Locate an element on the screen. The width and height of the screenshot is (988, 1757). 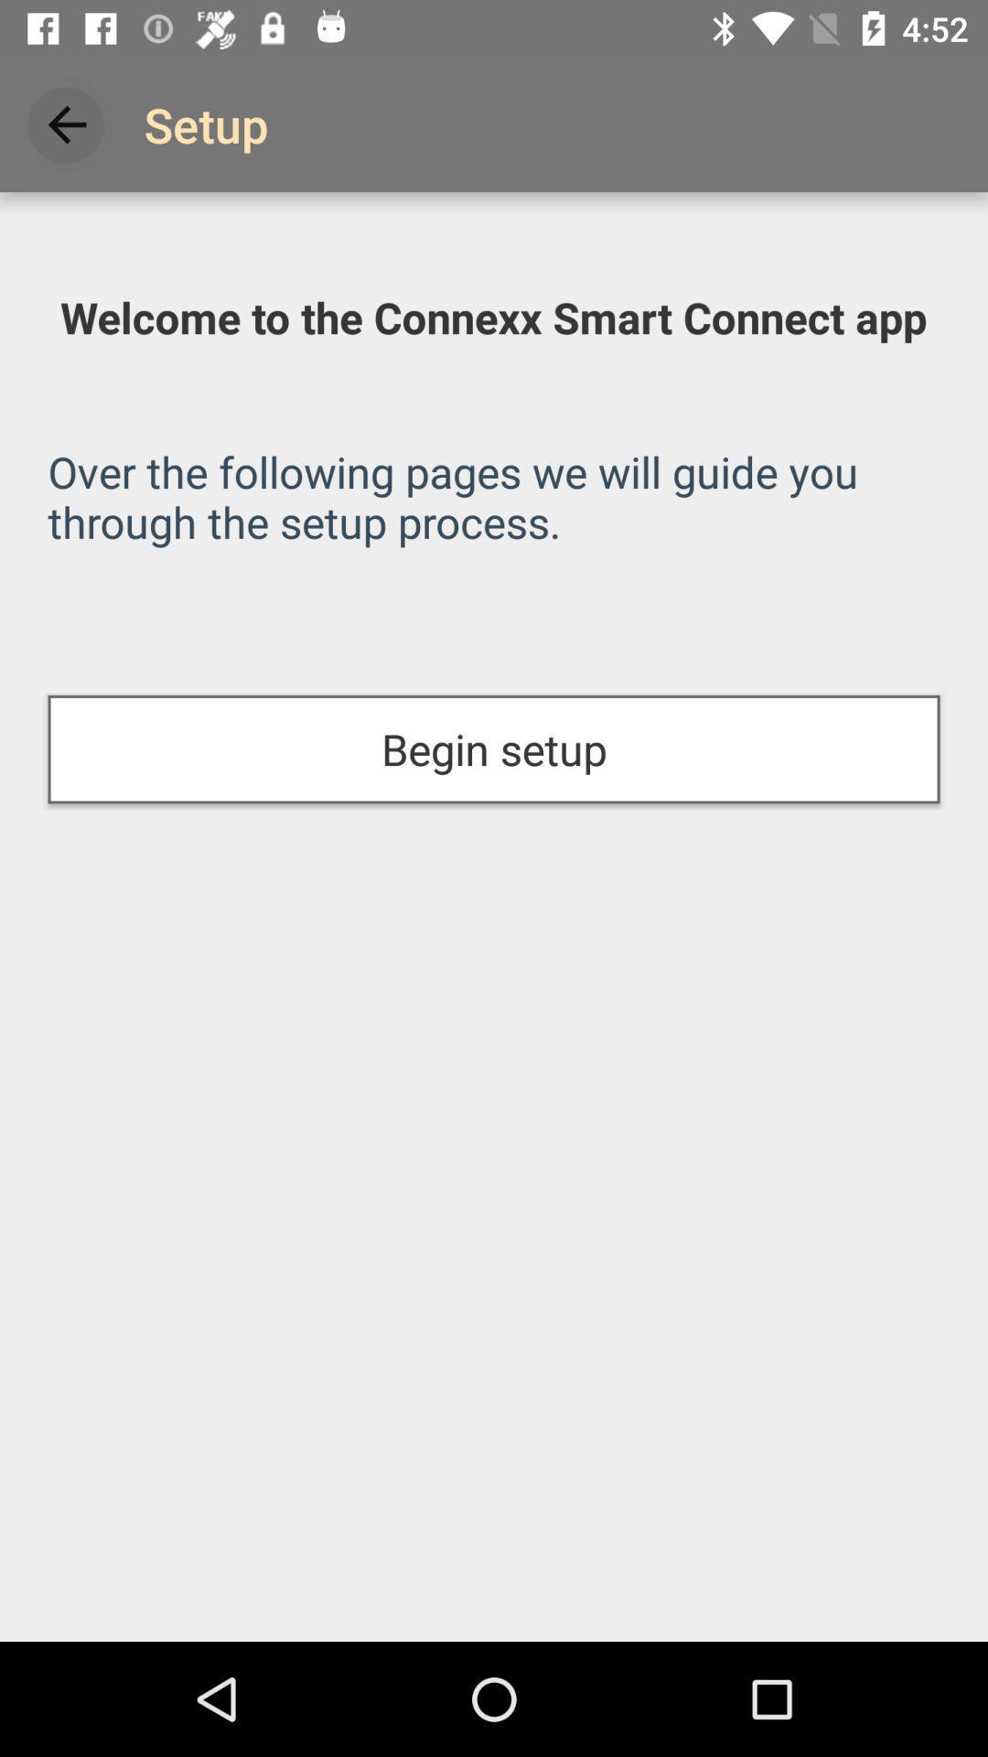
icon above the welcome to the is located at coordinates (66, 124).